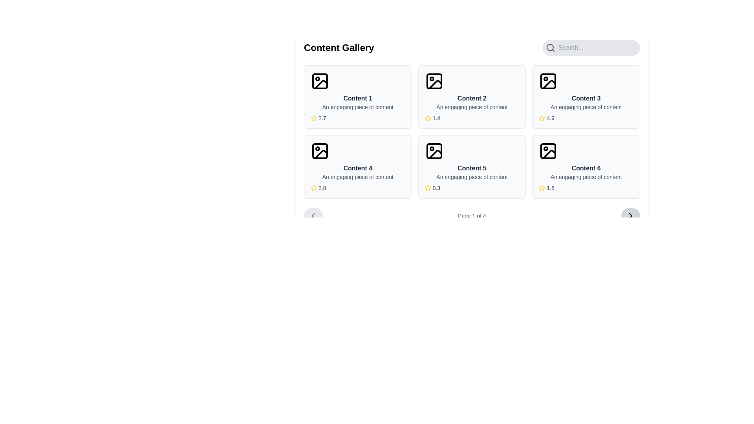 This screenshot has width=754, height=424. Describe the element at coordinates (357, 166) in the screenshot. I see `the content display card located in the second row, first column of the grid, which displays a title, description, and rating, positioned below 'Content 1' and to the left of 'Content 5'` at that location.